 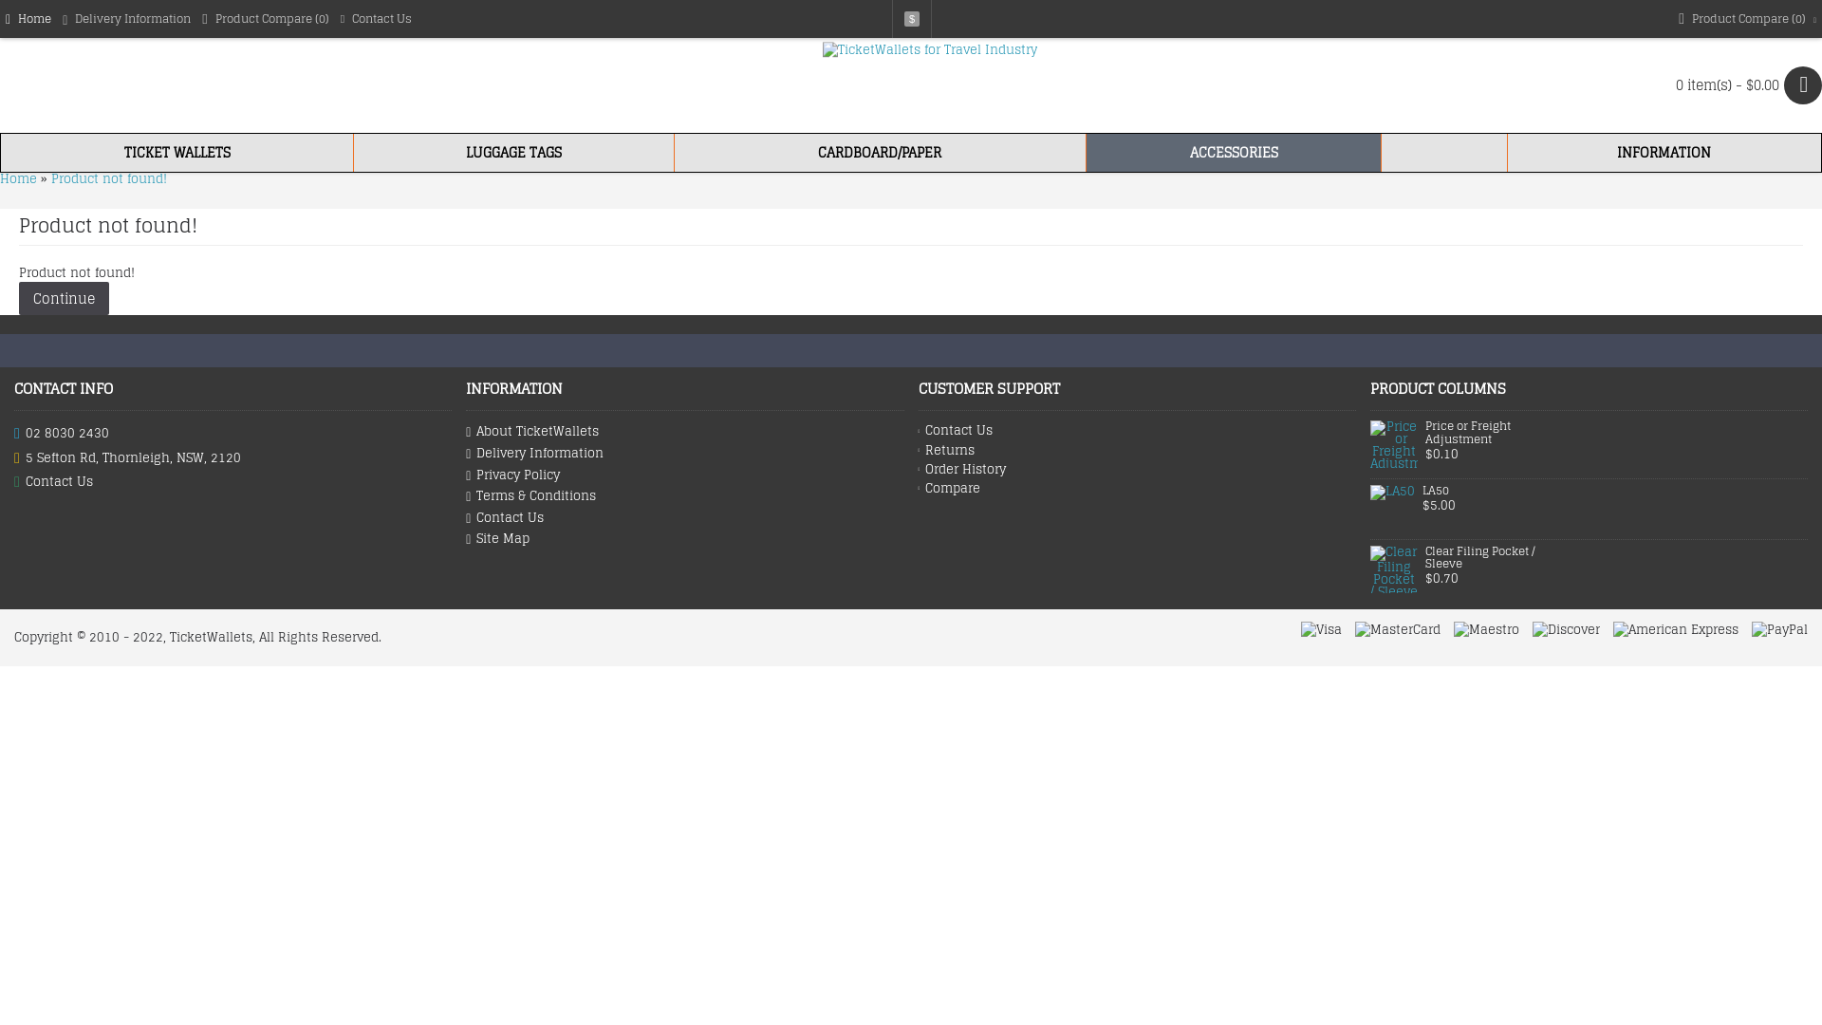 I want to click on 'Product not found!', so click(x=50, y=178).